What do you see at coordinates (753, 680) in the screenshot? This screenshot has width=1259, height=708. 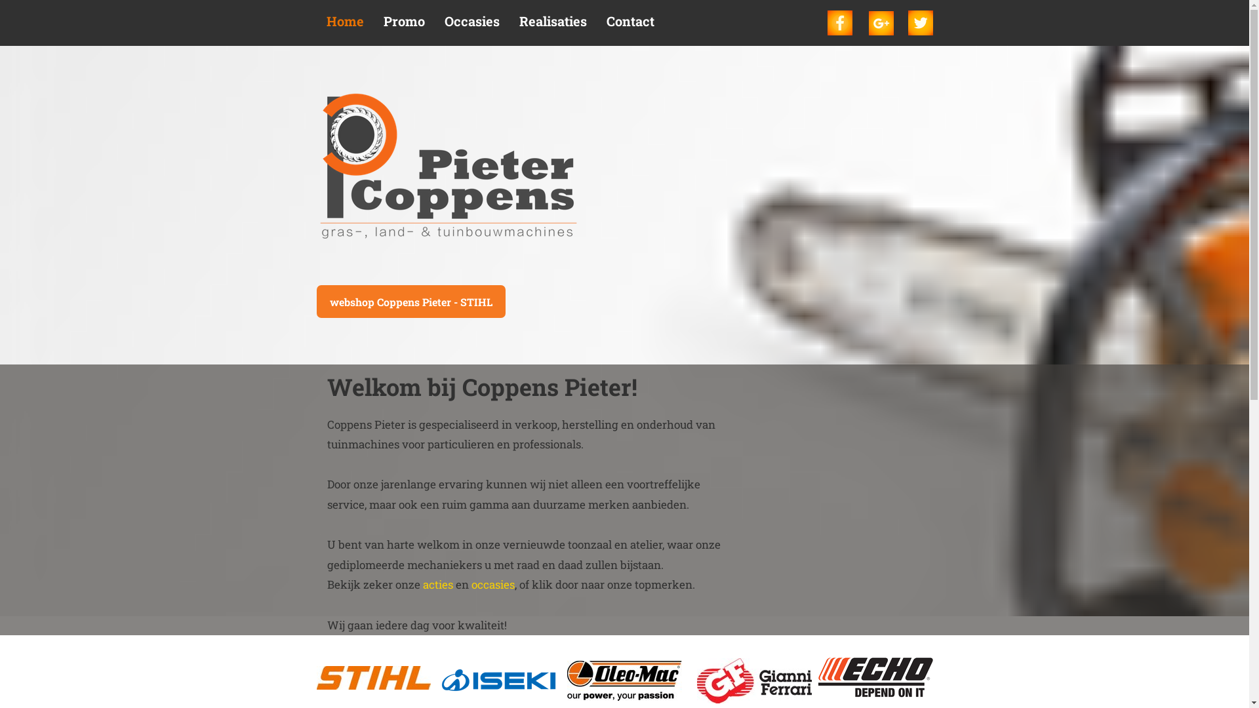 I see `'Gianni Ferrari'` at bounding box center [753, 680].